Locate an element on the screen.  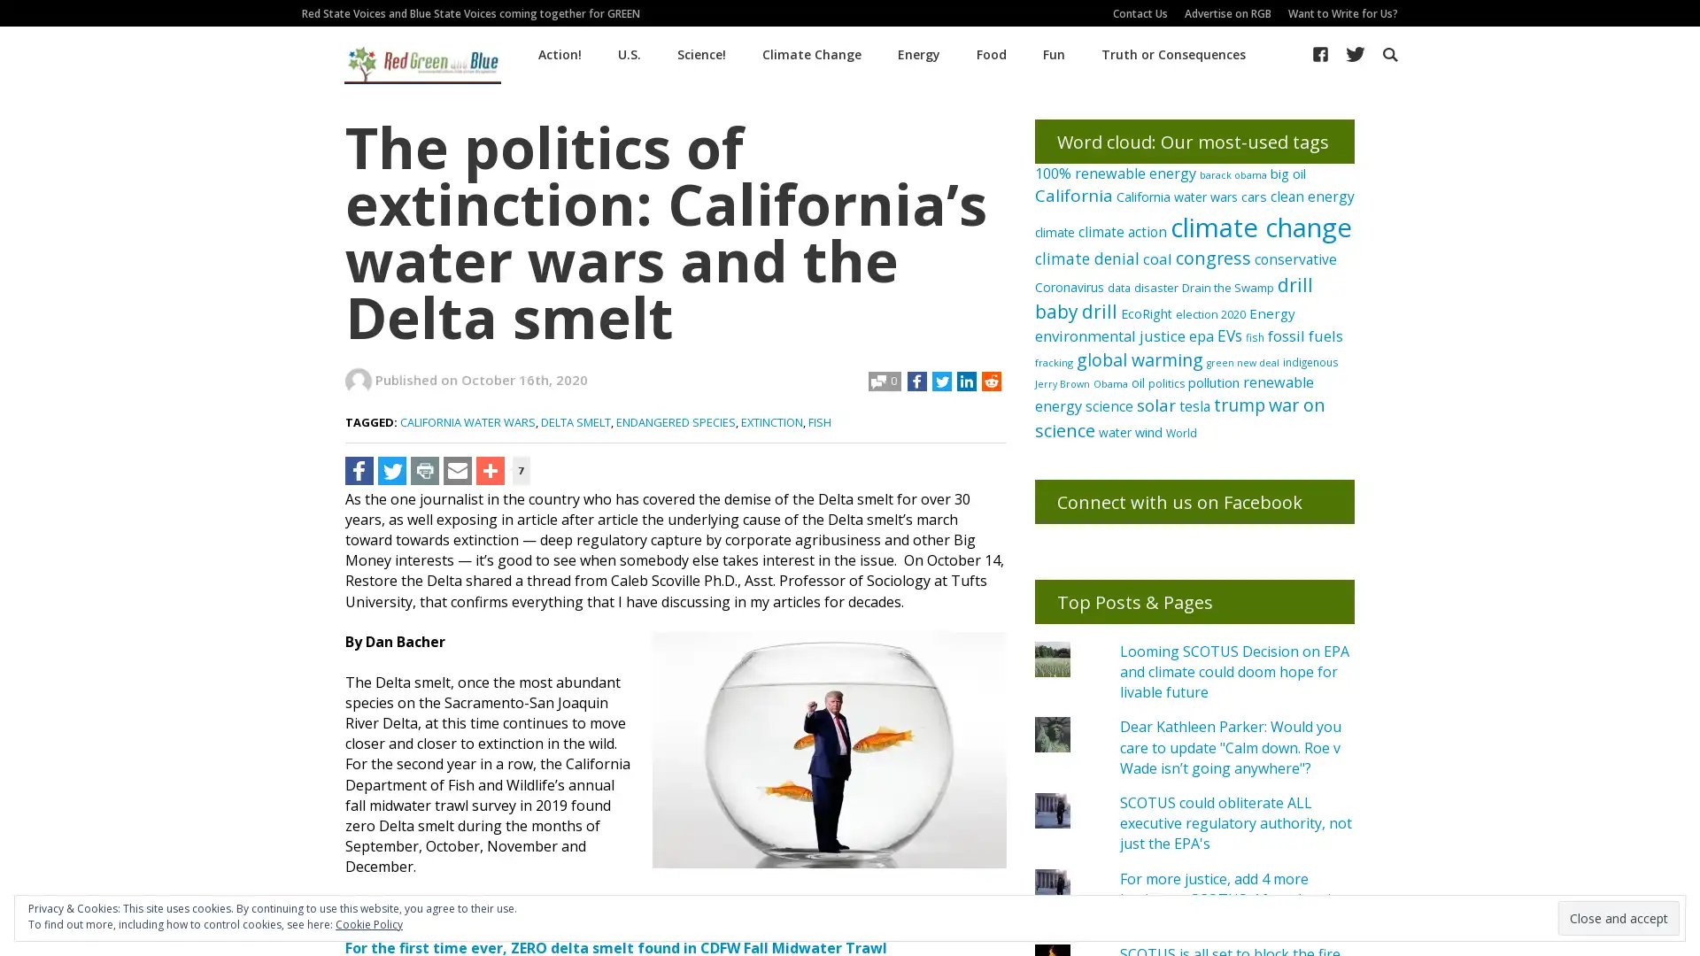
Share to Facebook is located at coordinates (359, 469).